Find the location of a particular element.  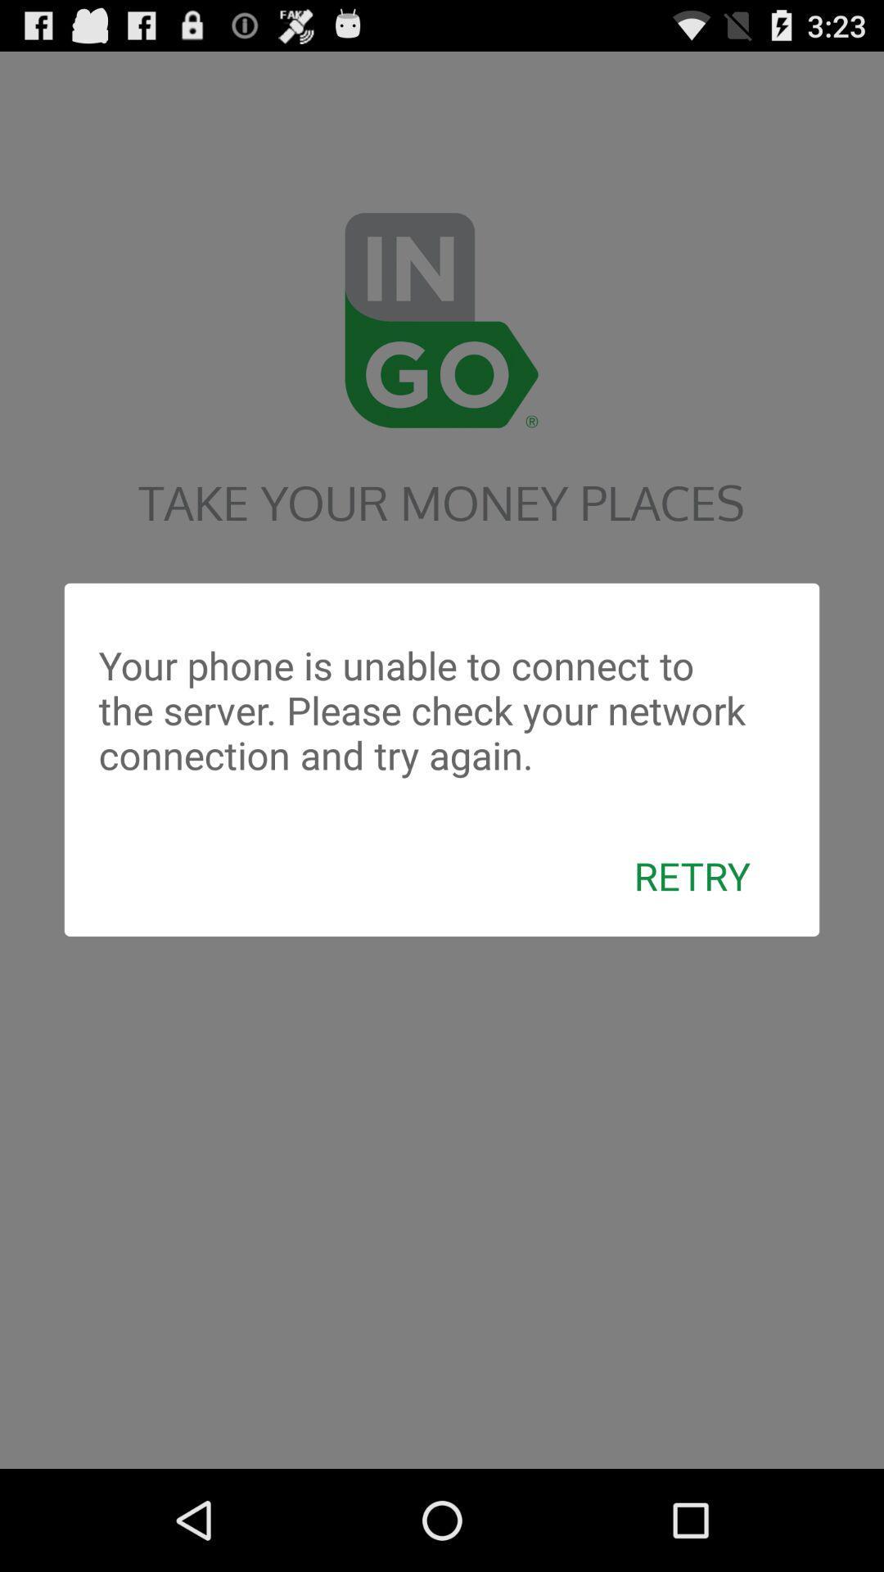

retry icon is located at coordinates (692, 874).